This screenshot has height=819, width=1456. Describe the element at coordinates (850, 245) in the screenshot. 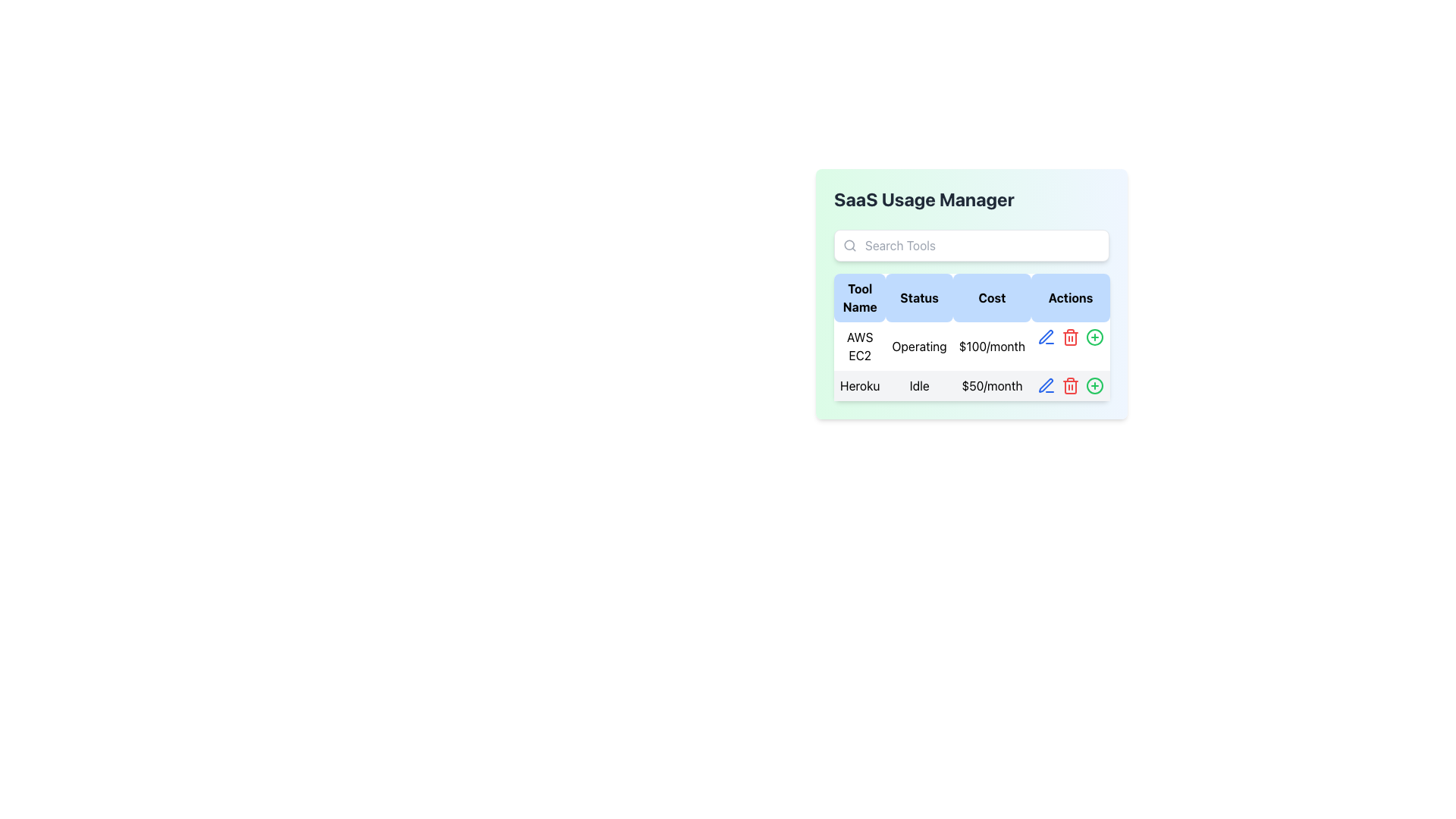

I see `the search icon located on the left side of the input field` at that location.